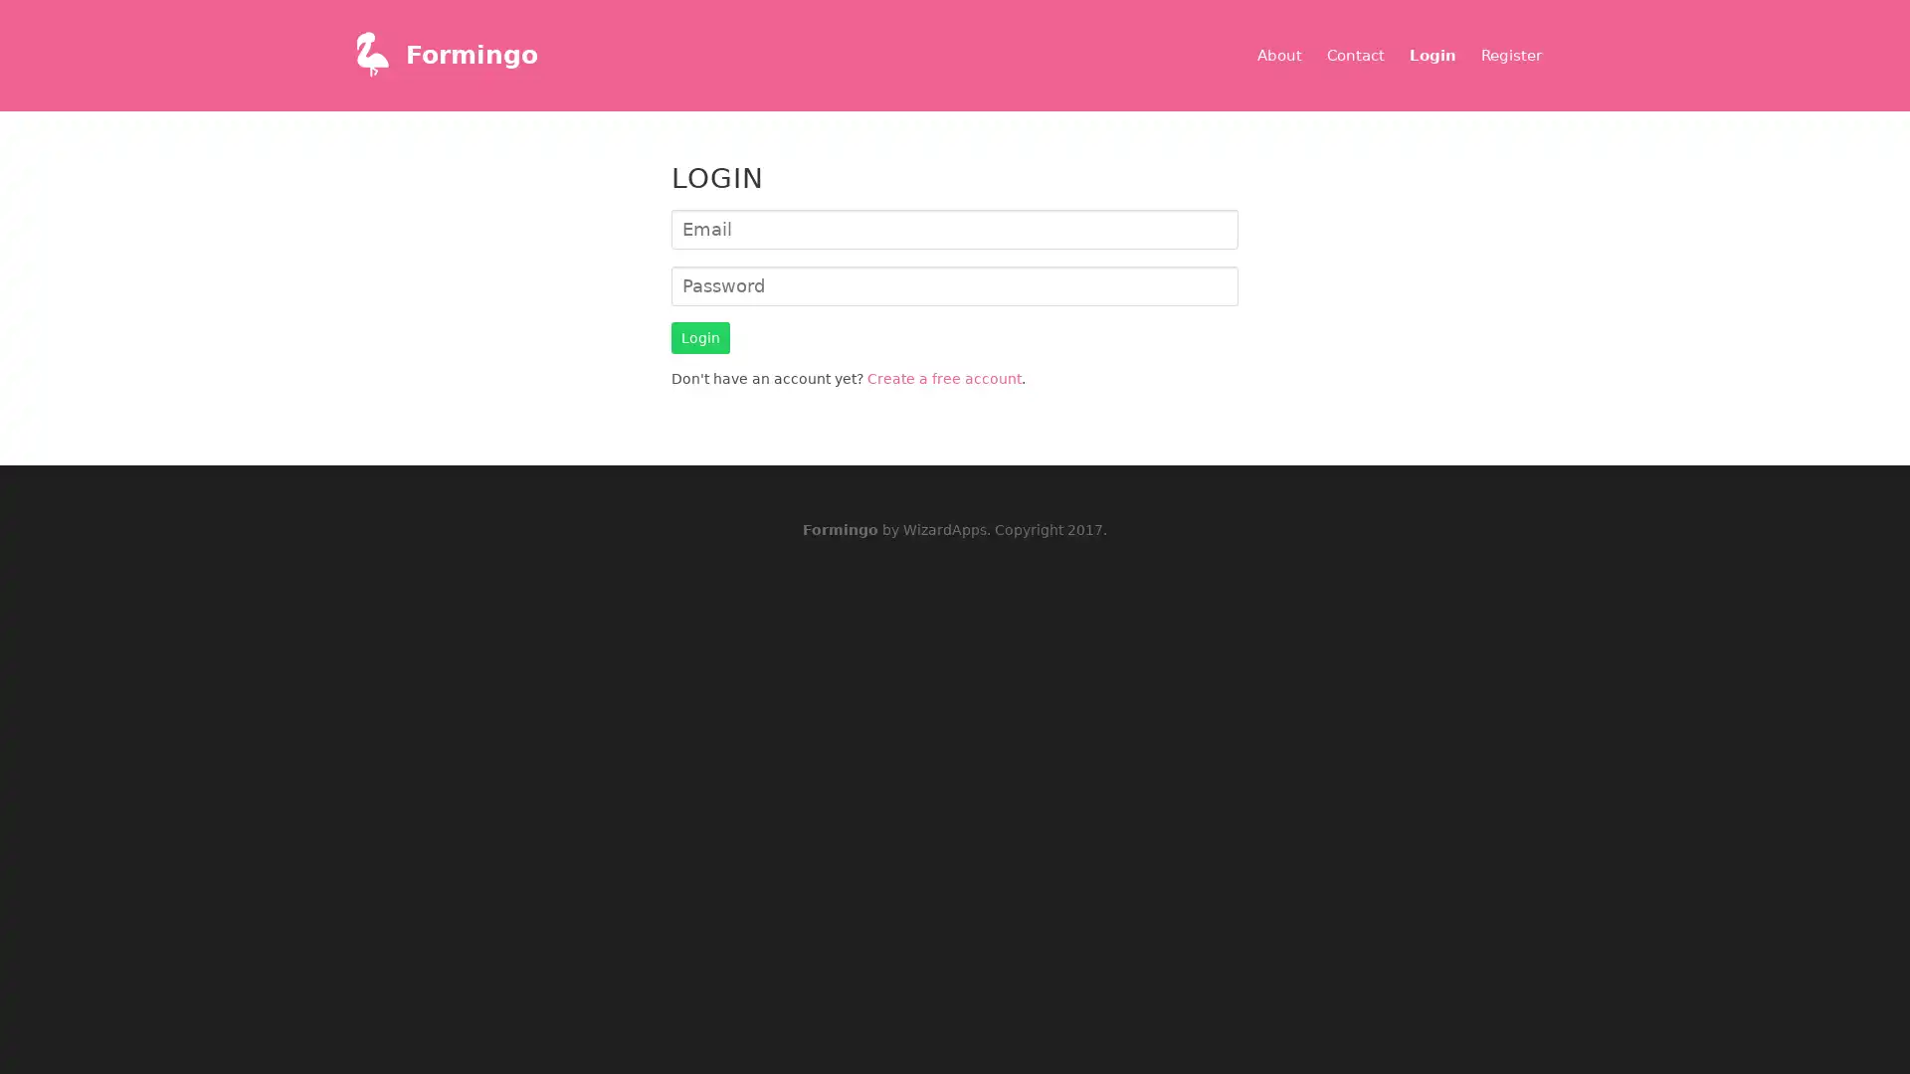 The height and width of the screenshot is (1074, 1910). What do you see at coordinates (700, 336) in the screenshot?
I see `Login` at bounding box center [700, 336].